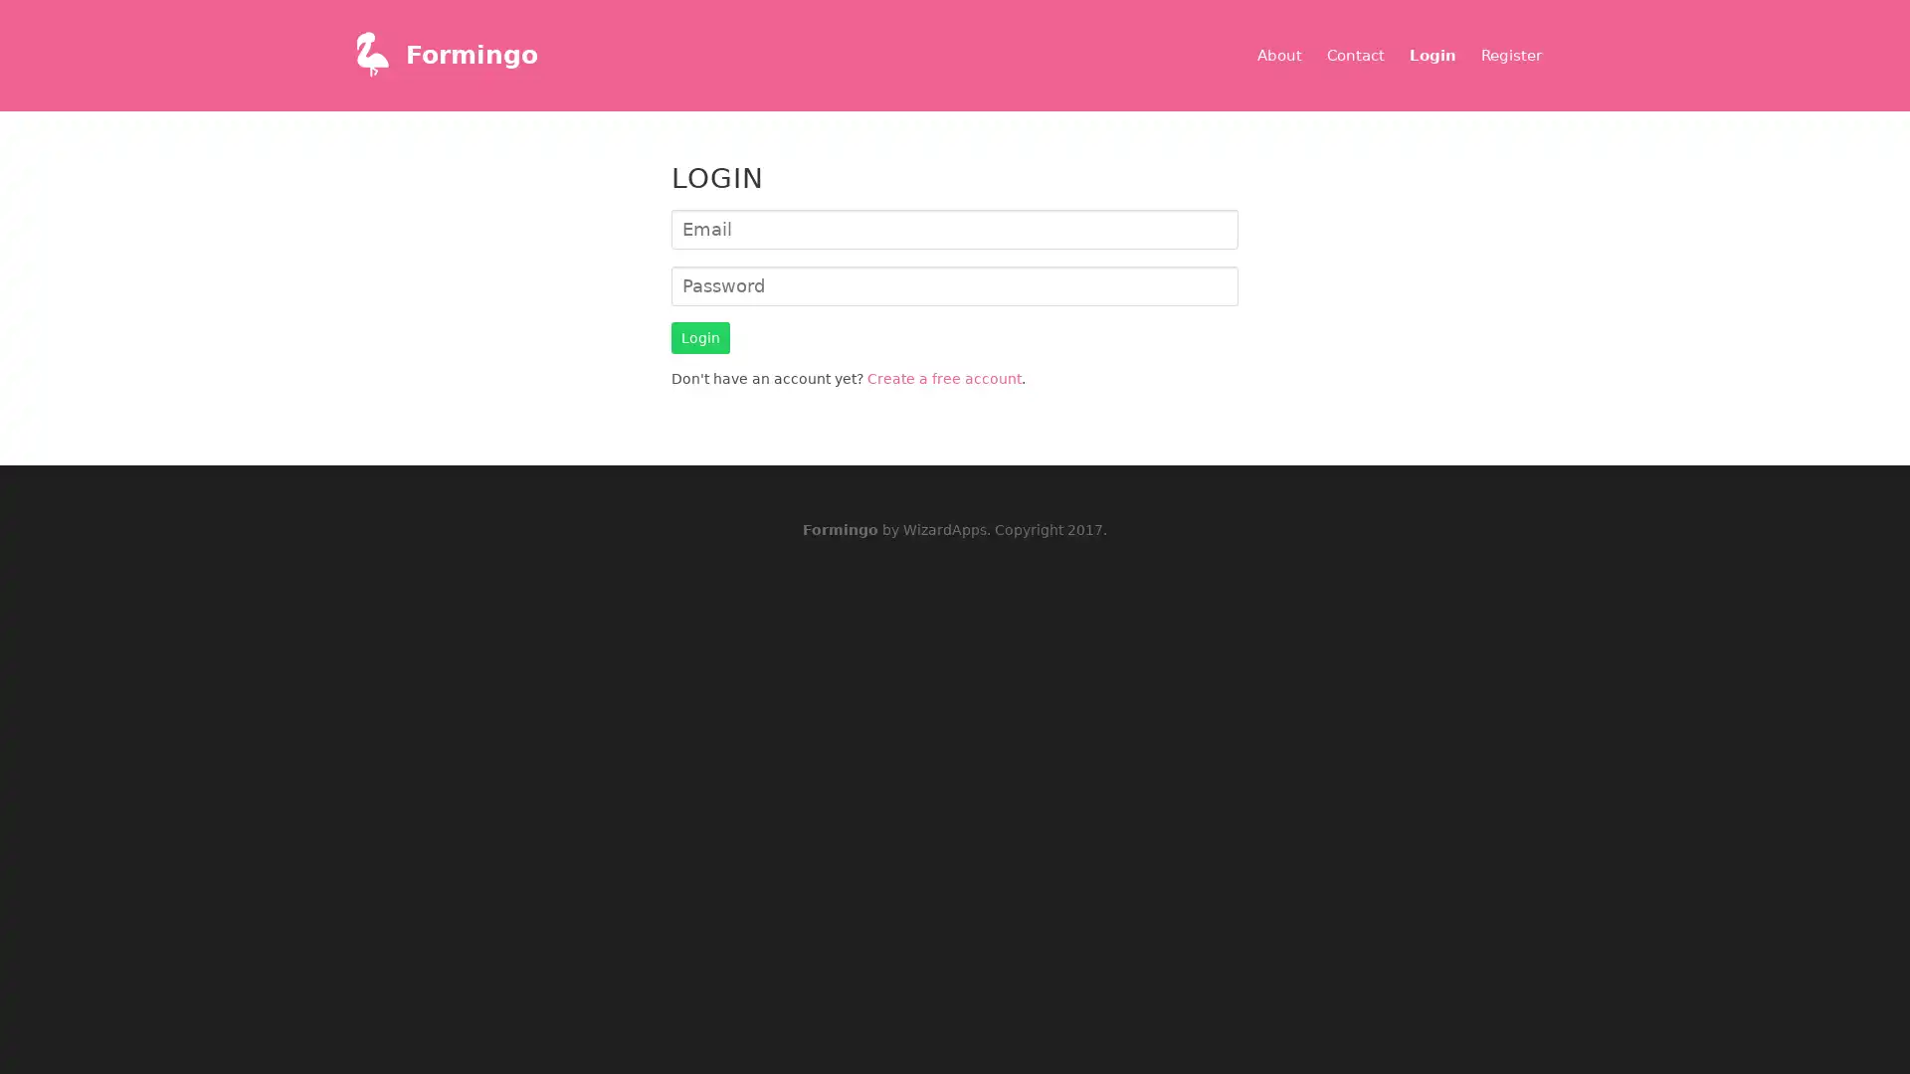 The height and width of the screenshot is (1074, 1910). What do you see at coordinates (700, 336) in the screenshot?
I see `Login` at bounding box center [700, 336].